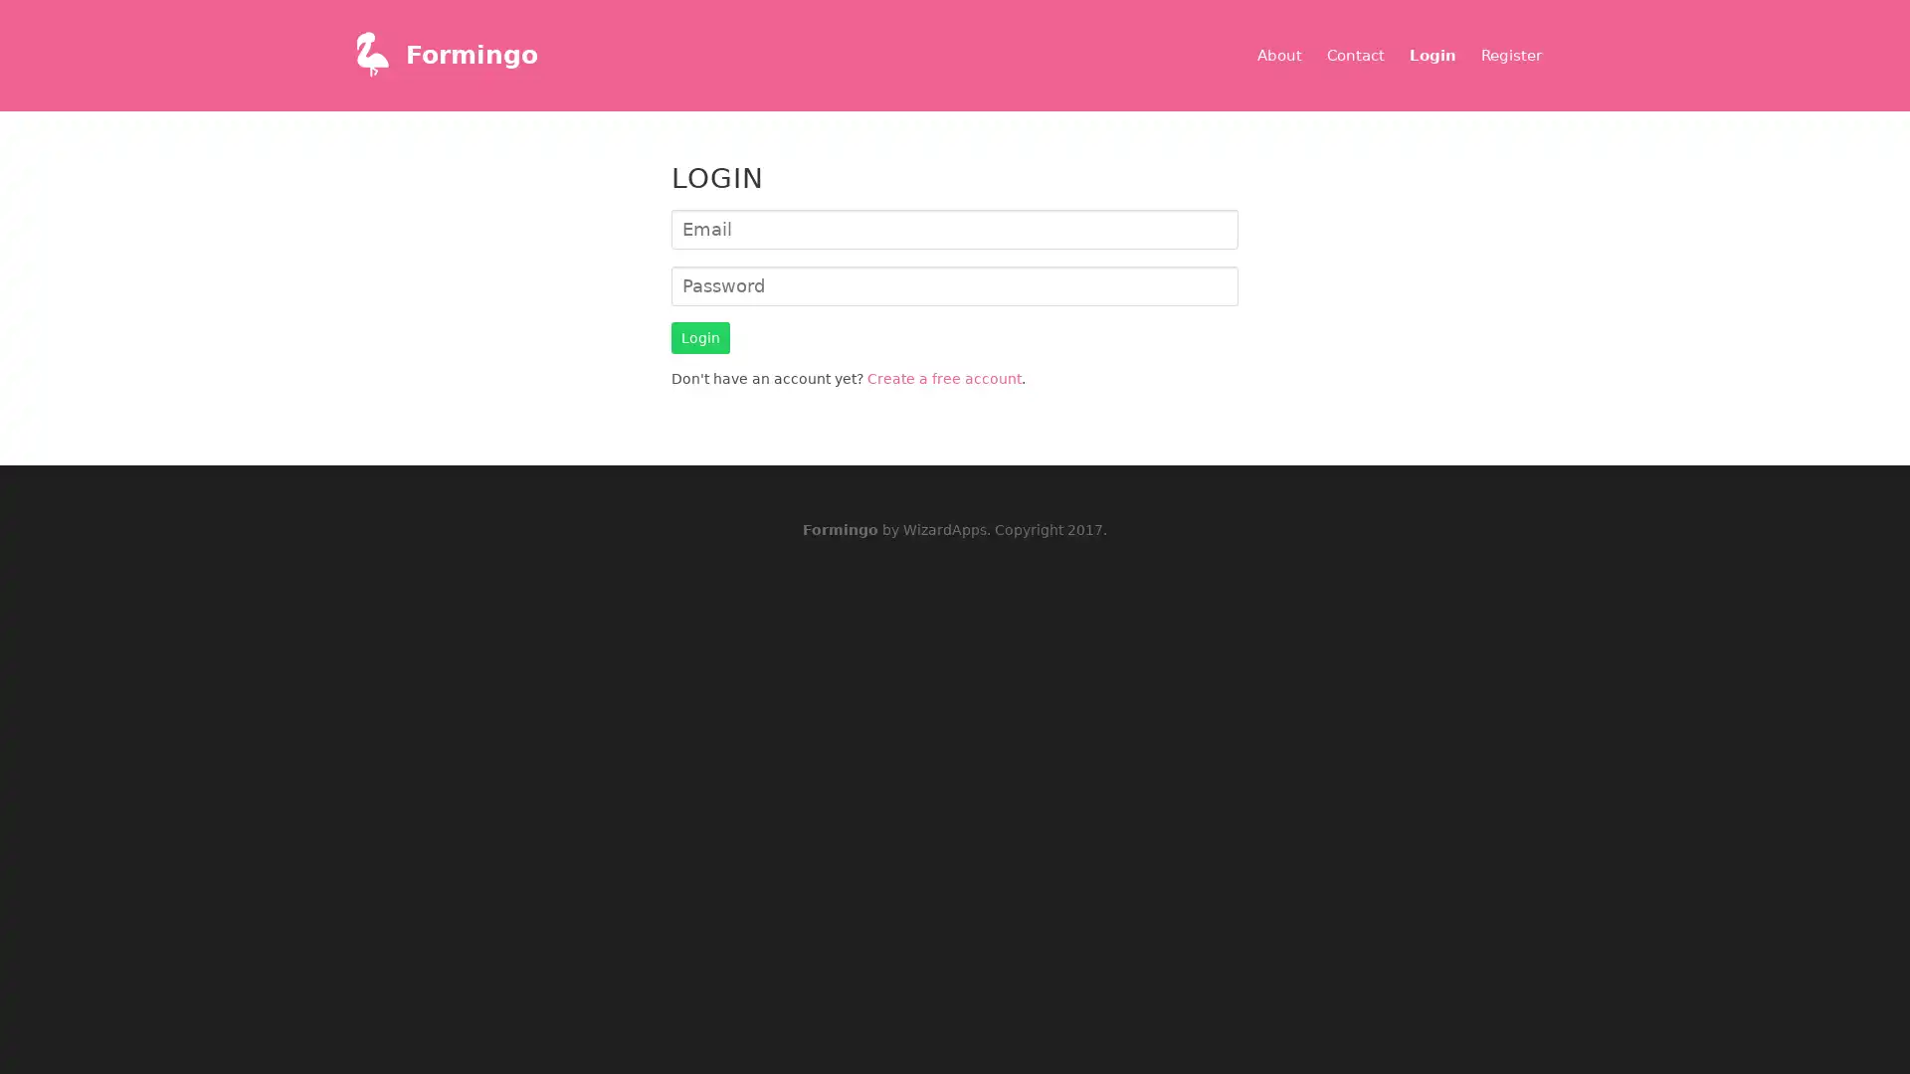 The height and width of the screenshot is (1074, 1910). What do you see at coordinates (700, 336) in the screenshot?
I see `Login` at bounding box center [700, 336].